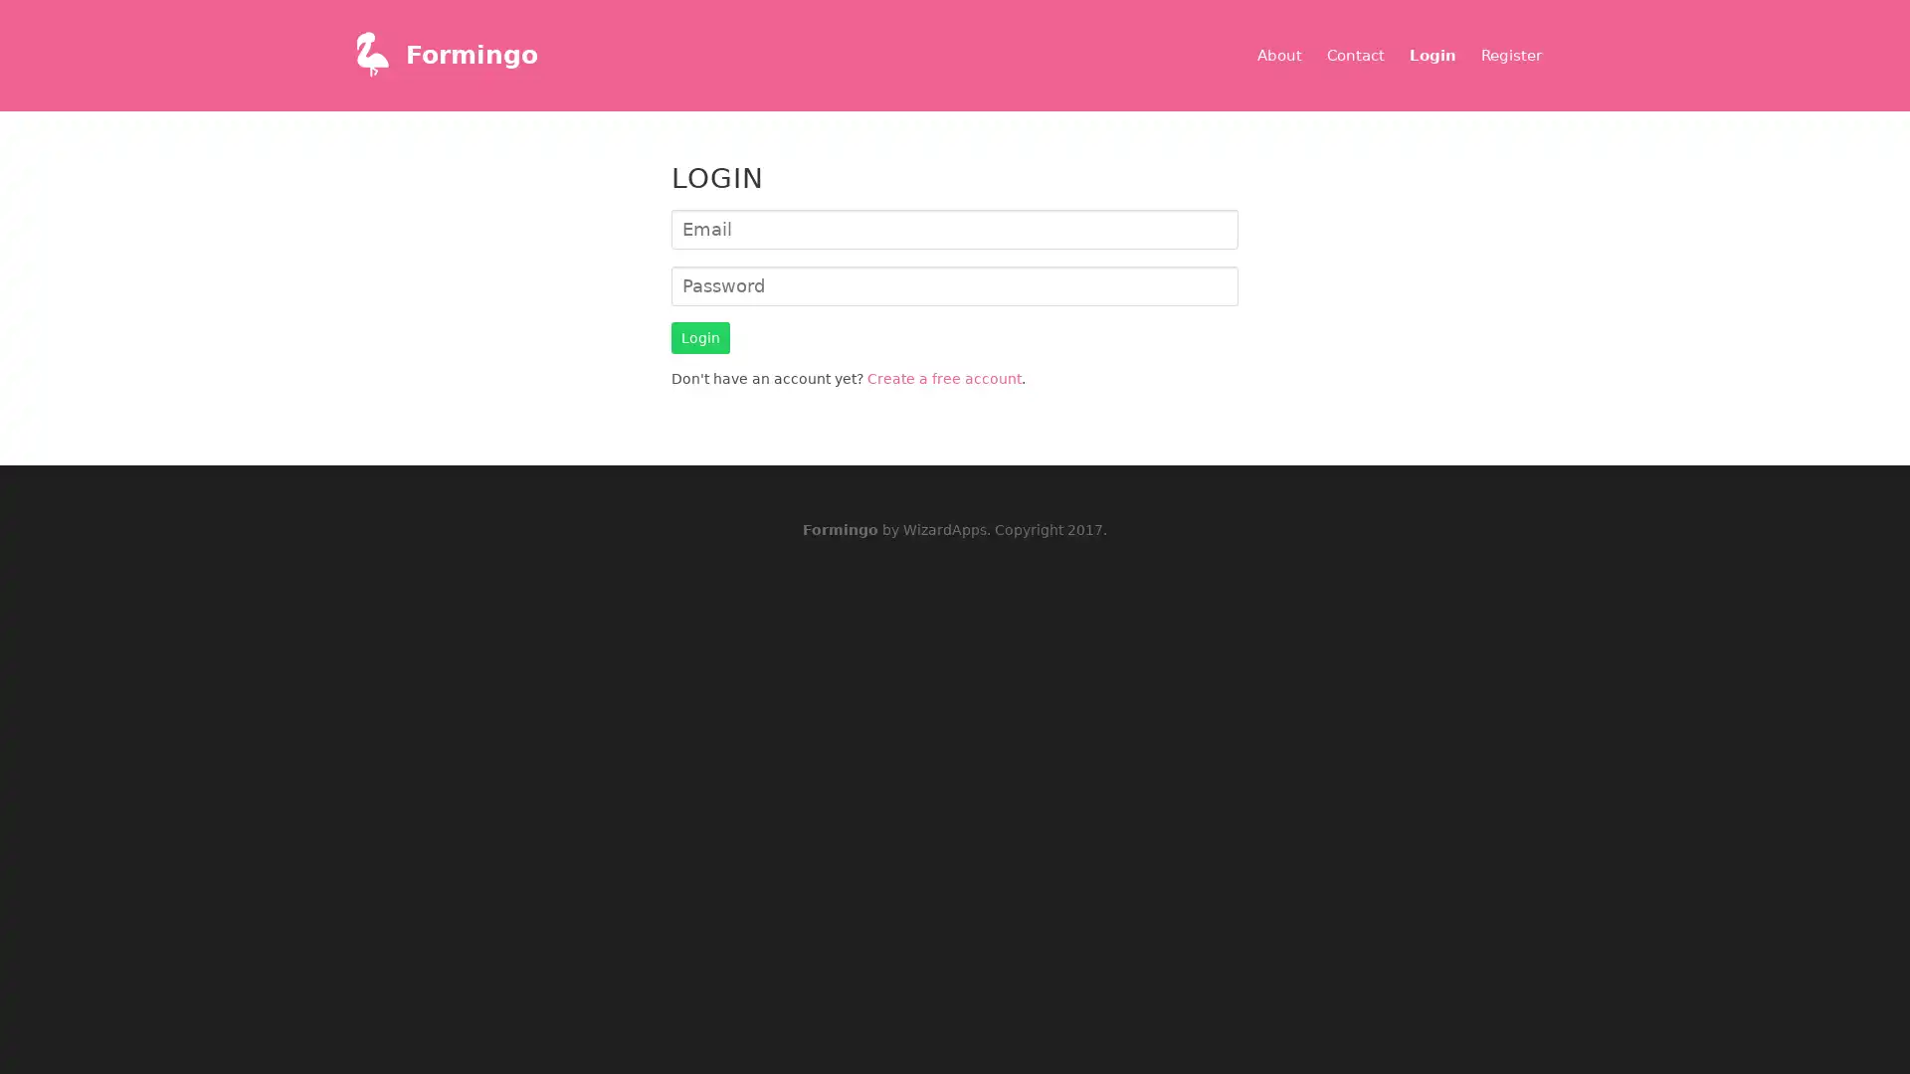 The height and width of the screenshot is (1074, 1910). What do you see at coordinates (700, 336) in the screenshot?
I see `Login` at bounding box center [700, 336].